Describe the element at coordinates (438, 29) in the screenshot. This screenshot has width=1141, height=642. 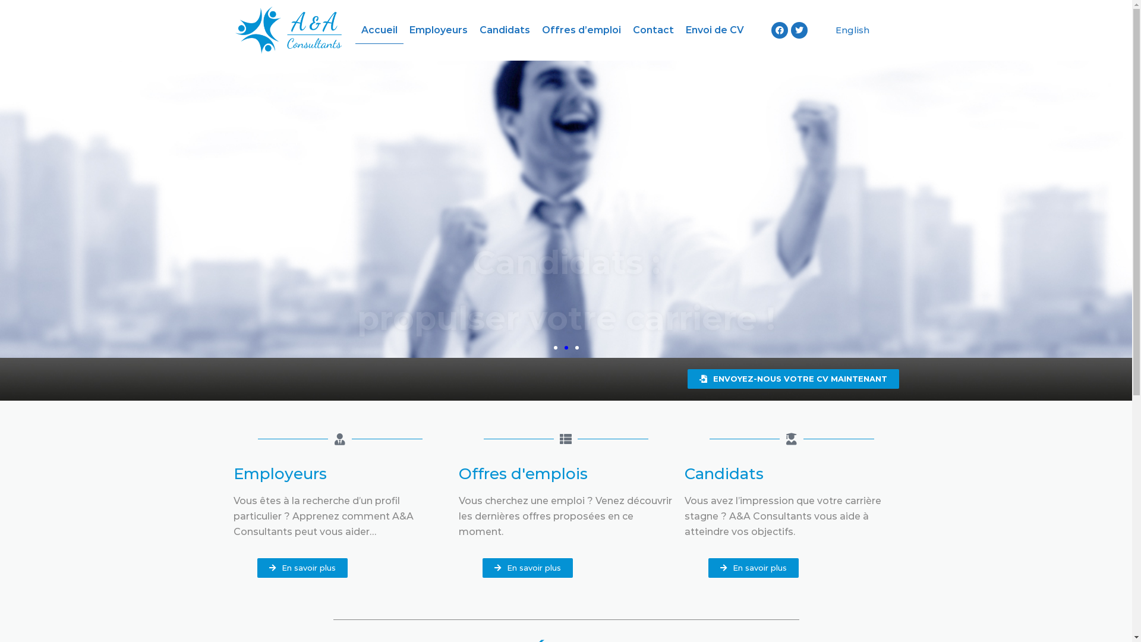
I see `'Employeurs'` at that location.